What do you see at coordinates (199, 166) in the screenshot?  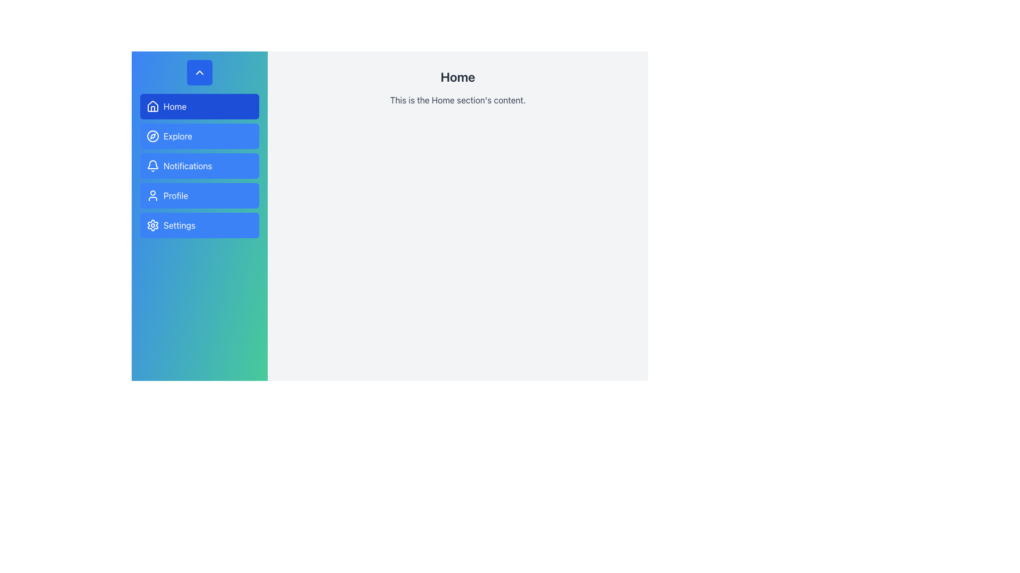 I see `the 'Notifications' button located between the 'Explore' button and the 'Profile' button in the sidebar menu` at bounding box center [199, 166].